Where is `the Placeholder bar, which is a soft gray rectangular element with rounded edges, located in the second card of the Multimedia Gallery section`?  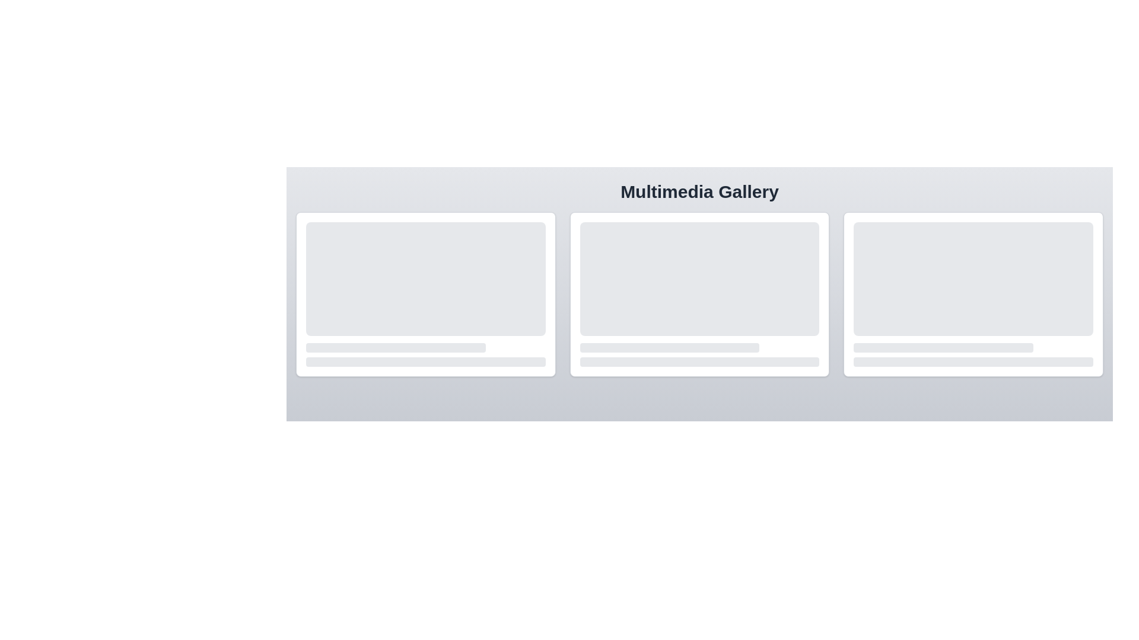
the Placeholder bar, which is a soft gray rectangular element with rounded edges, located in the second card of the Multimedia Gallery section is located at coordinates (669, 347).